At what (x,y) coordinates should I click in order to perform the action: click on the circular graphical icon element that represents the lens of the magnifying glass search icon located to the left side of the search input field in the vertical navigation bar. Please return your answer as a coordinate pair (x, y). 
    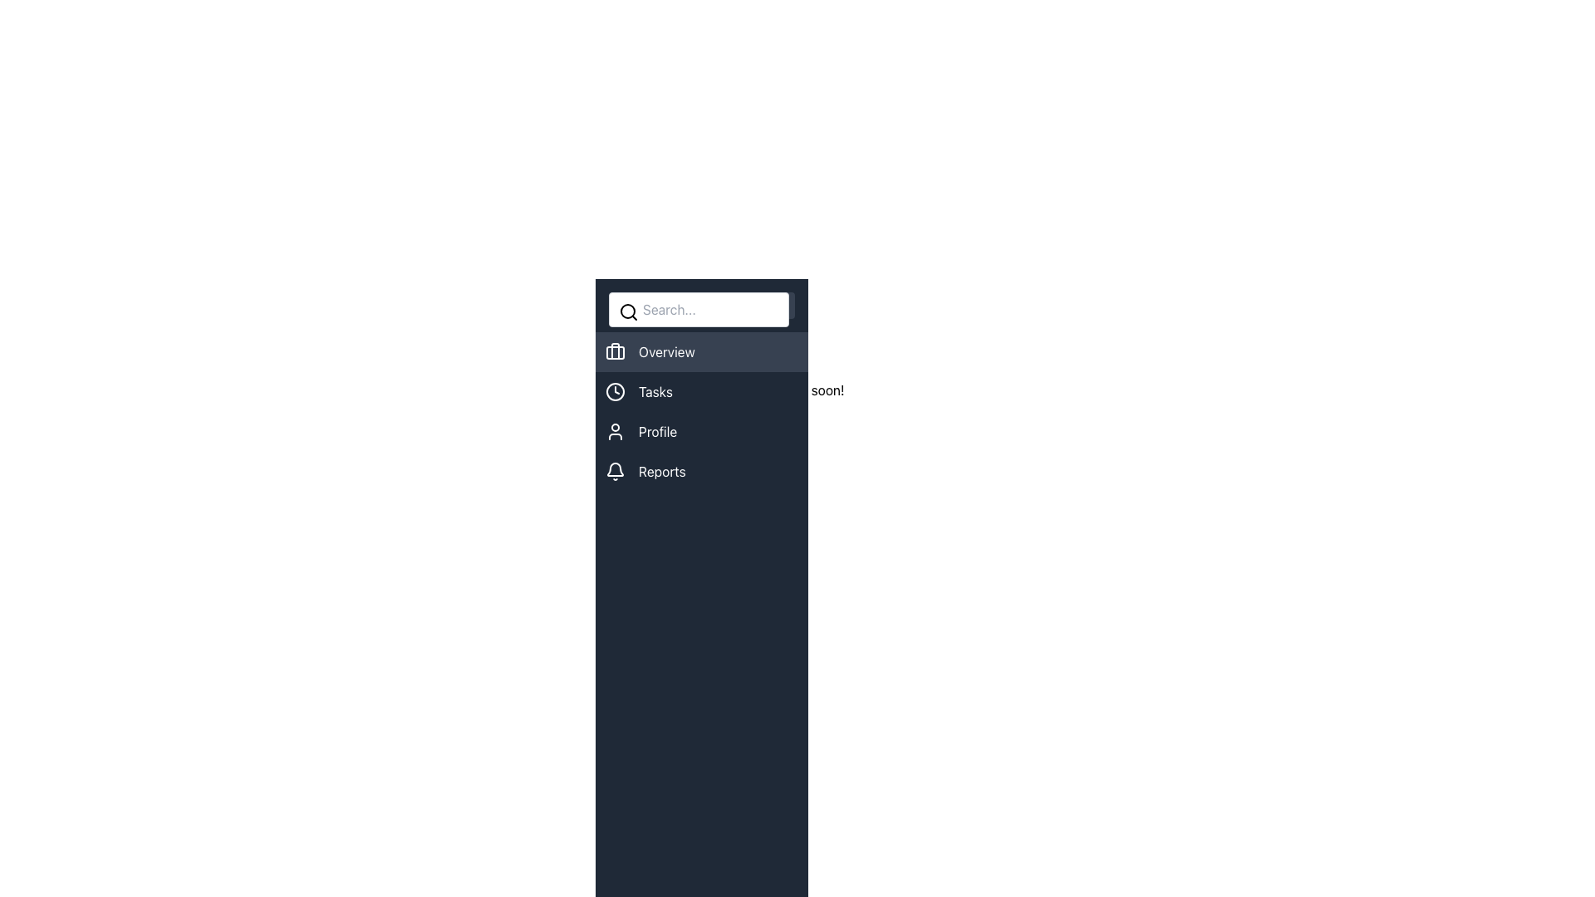
    Looking at the image, I should click on (626, 311).